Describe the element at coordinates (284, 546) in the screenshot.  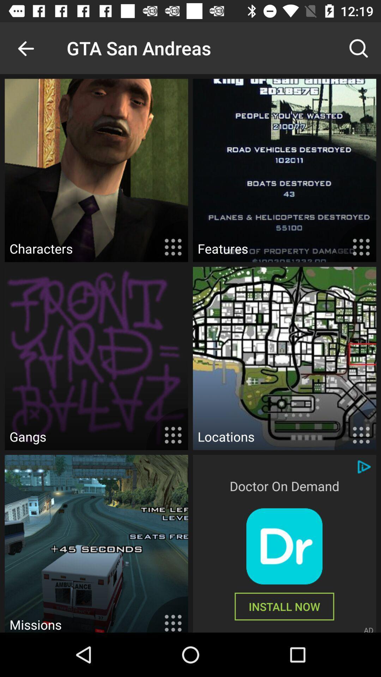
I see `people go back info player go back info gangs go bac maps location go back ambulance` at that location.